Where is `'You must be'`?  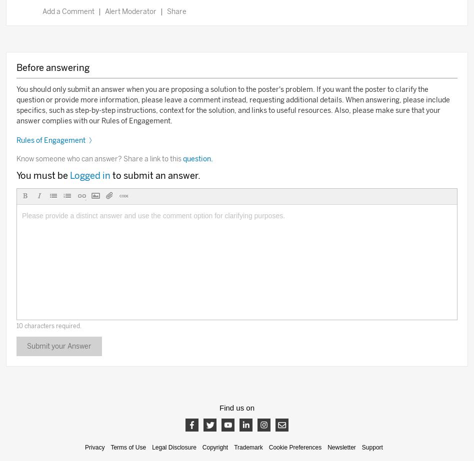 'You must be' is located at coordinates (43, 176).